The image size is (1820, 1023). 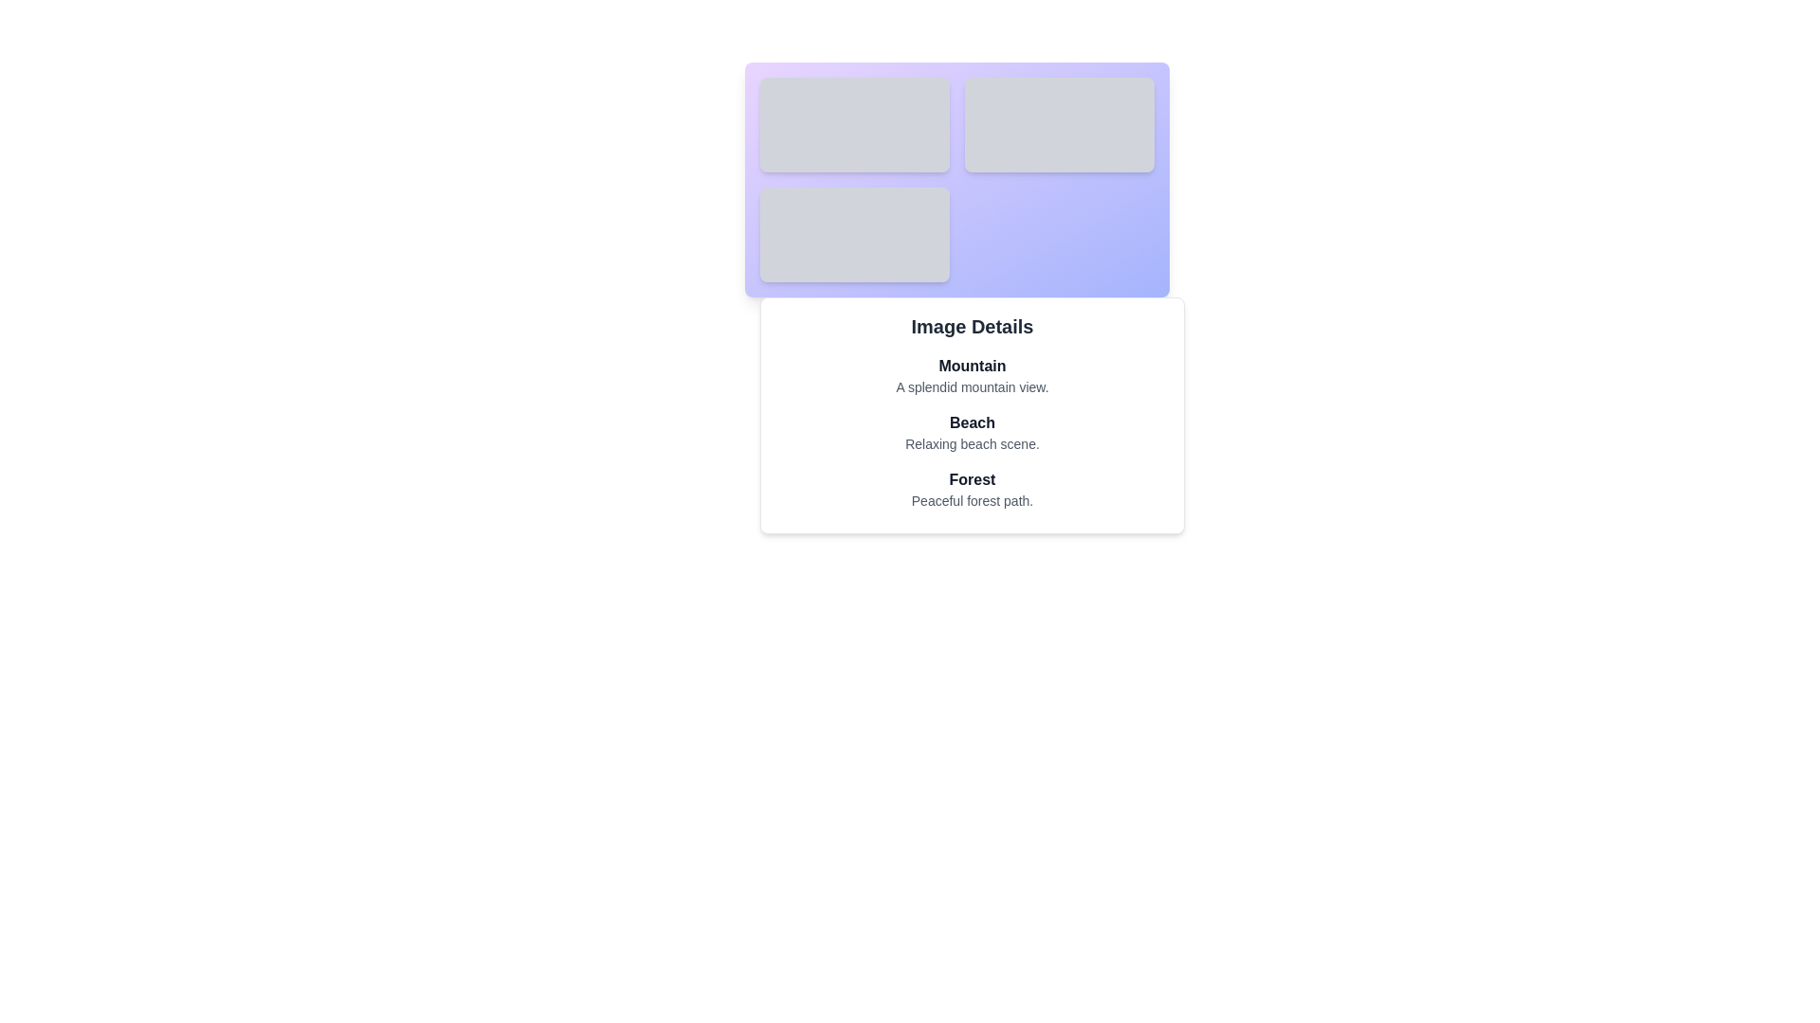 What do you see at coordinates (973, 422) in the screenshot?
I see `the text label displaying 'Beach', which is bold and dark gray, positioned between 'Mountain' and 'Forest' in the 'Image Details' section` at bounding box center [973, 422].